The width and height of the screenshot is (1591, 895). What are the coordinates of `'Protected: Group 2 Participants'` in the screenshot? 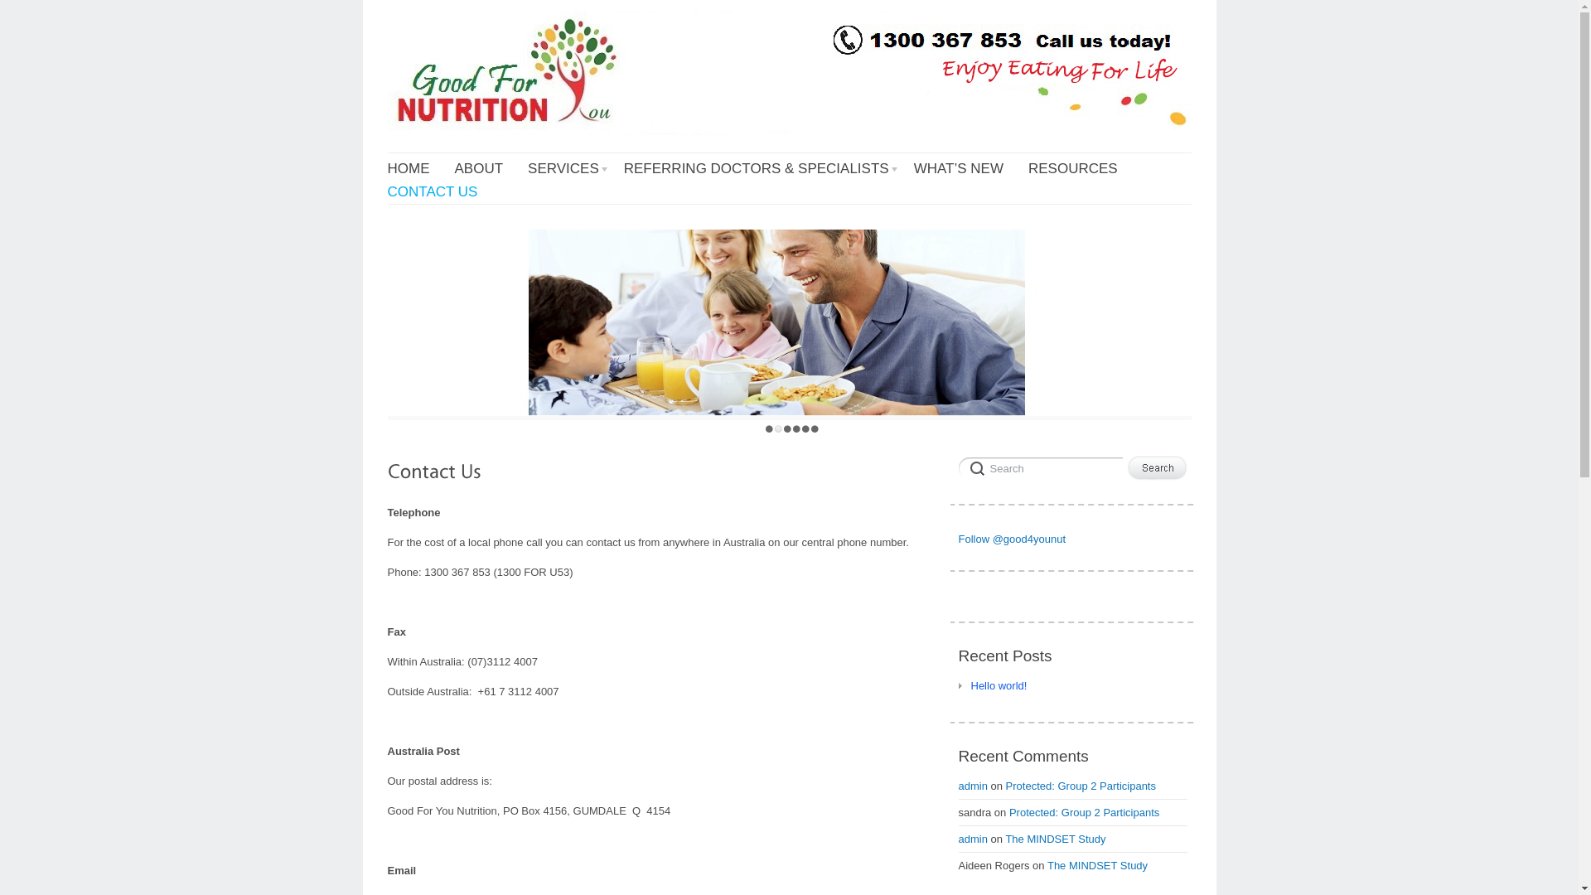 It's located at (1081, 785).